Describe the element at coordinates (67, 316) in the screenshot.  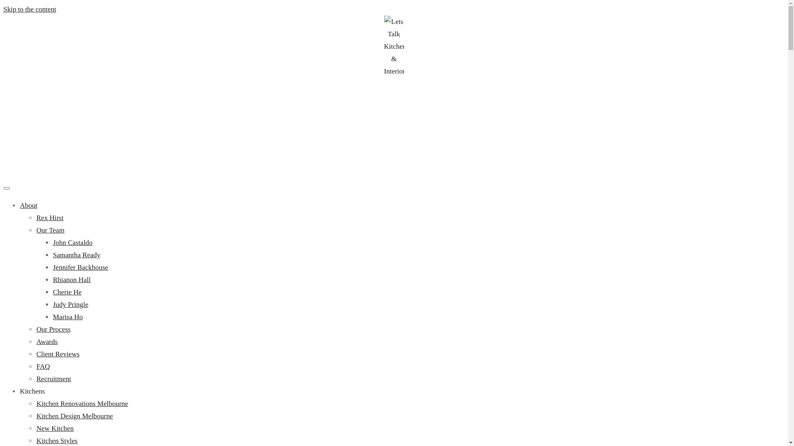
I see `'Marisa Ho'` at that location.